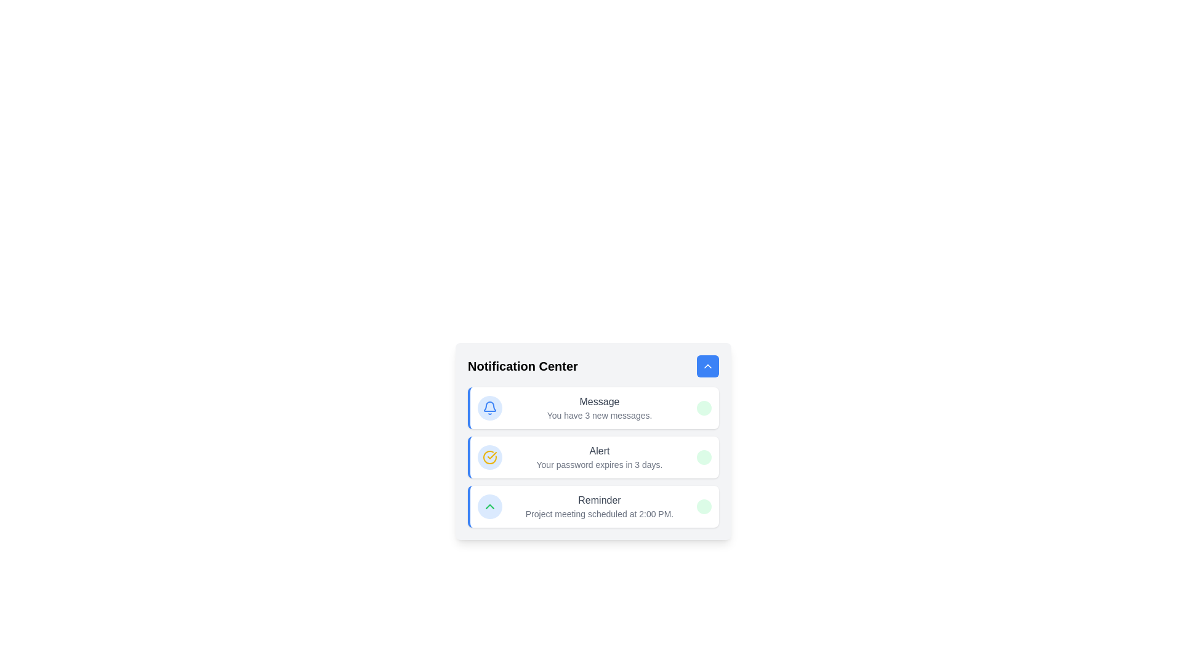  Describe the element at coordinates (600, 451) in the screenshot. I see `the 'Alert' text label, which is styled with a medium font weight and gray color, located prominently within a notification card above the text 'Your password expires in 3 days.'` at that location.